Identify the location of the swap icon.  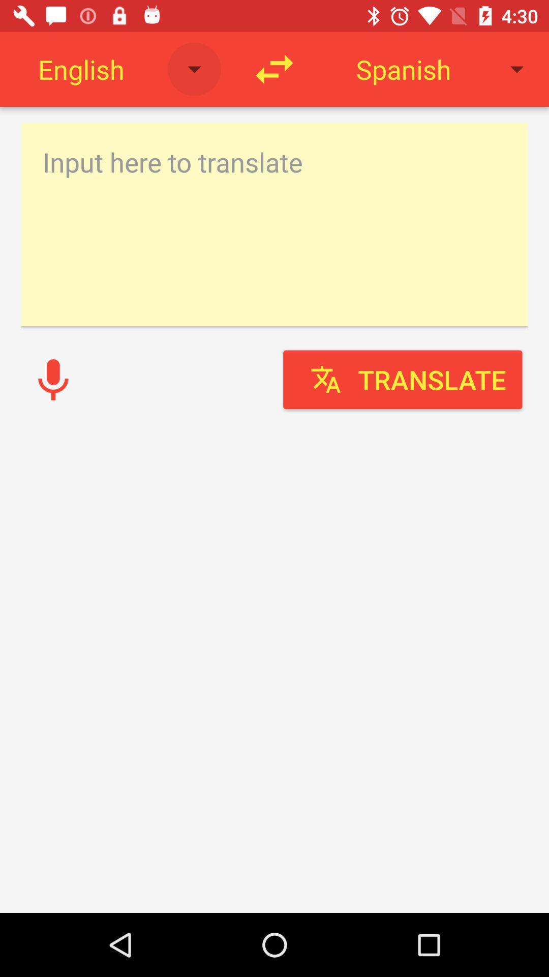
(274, 69).